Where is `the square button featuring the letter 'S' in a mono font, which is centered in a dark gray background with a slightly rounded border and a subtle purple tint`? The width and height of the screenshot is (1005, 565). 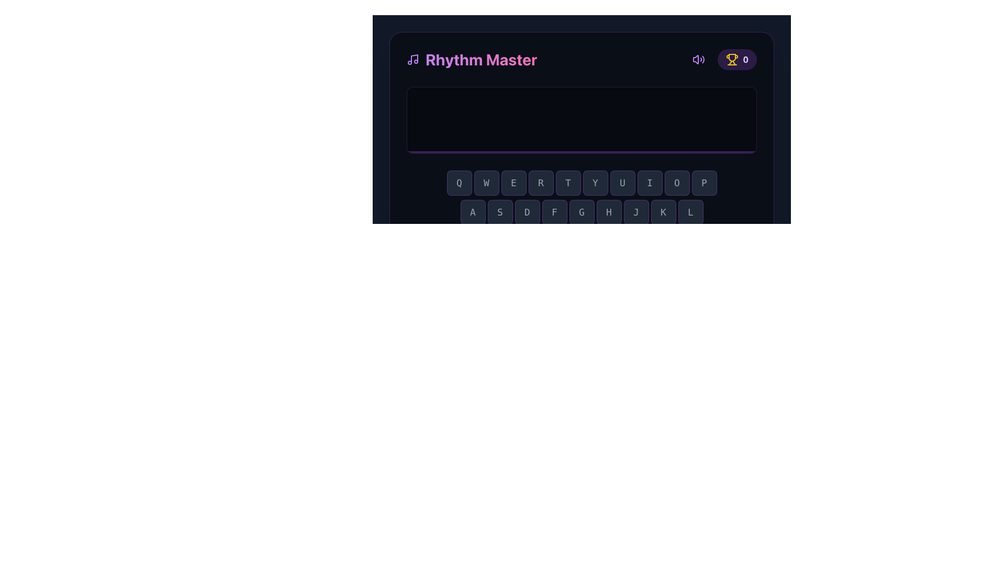 the square button featuring the letter 'S' in a mono font, which is centered in a dark gray background with a slightly rounded border and a subtle purple tint is located at coordinates (499, 212).